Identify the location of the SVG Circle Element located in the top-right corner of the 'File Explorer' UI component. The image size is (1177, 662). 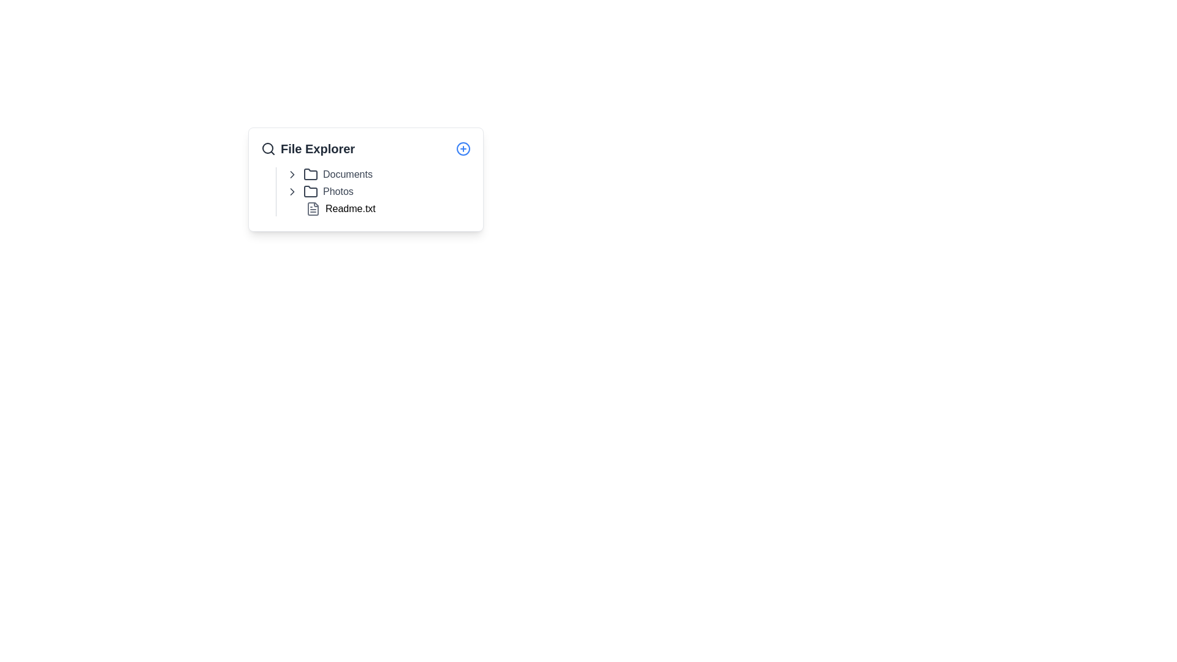
(462, 148).